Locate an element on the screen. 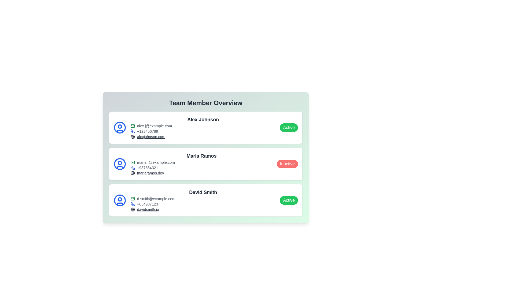  the entry of Maria Ramos to open the context menu is located at coordinates (205, 164).